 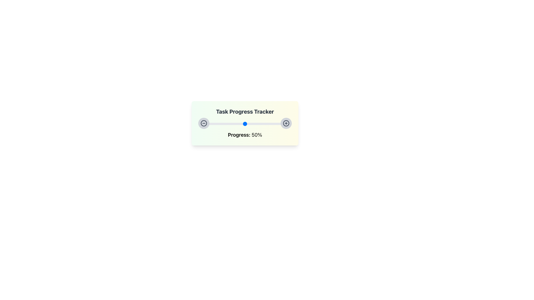 What do you see at coordinates (240, 123) in the screenshot?
I see `progress value` at bounding box center [240, 123].